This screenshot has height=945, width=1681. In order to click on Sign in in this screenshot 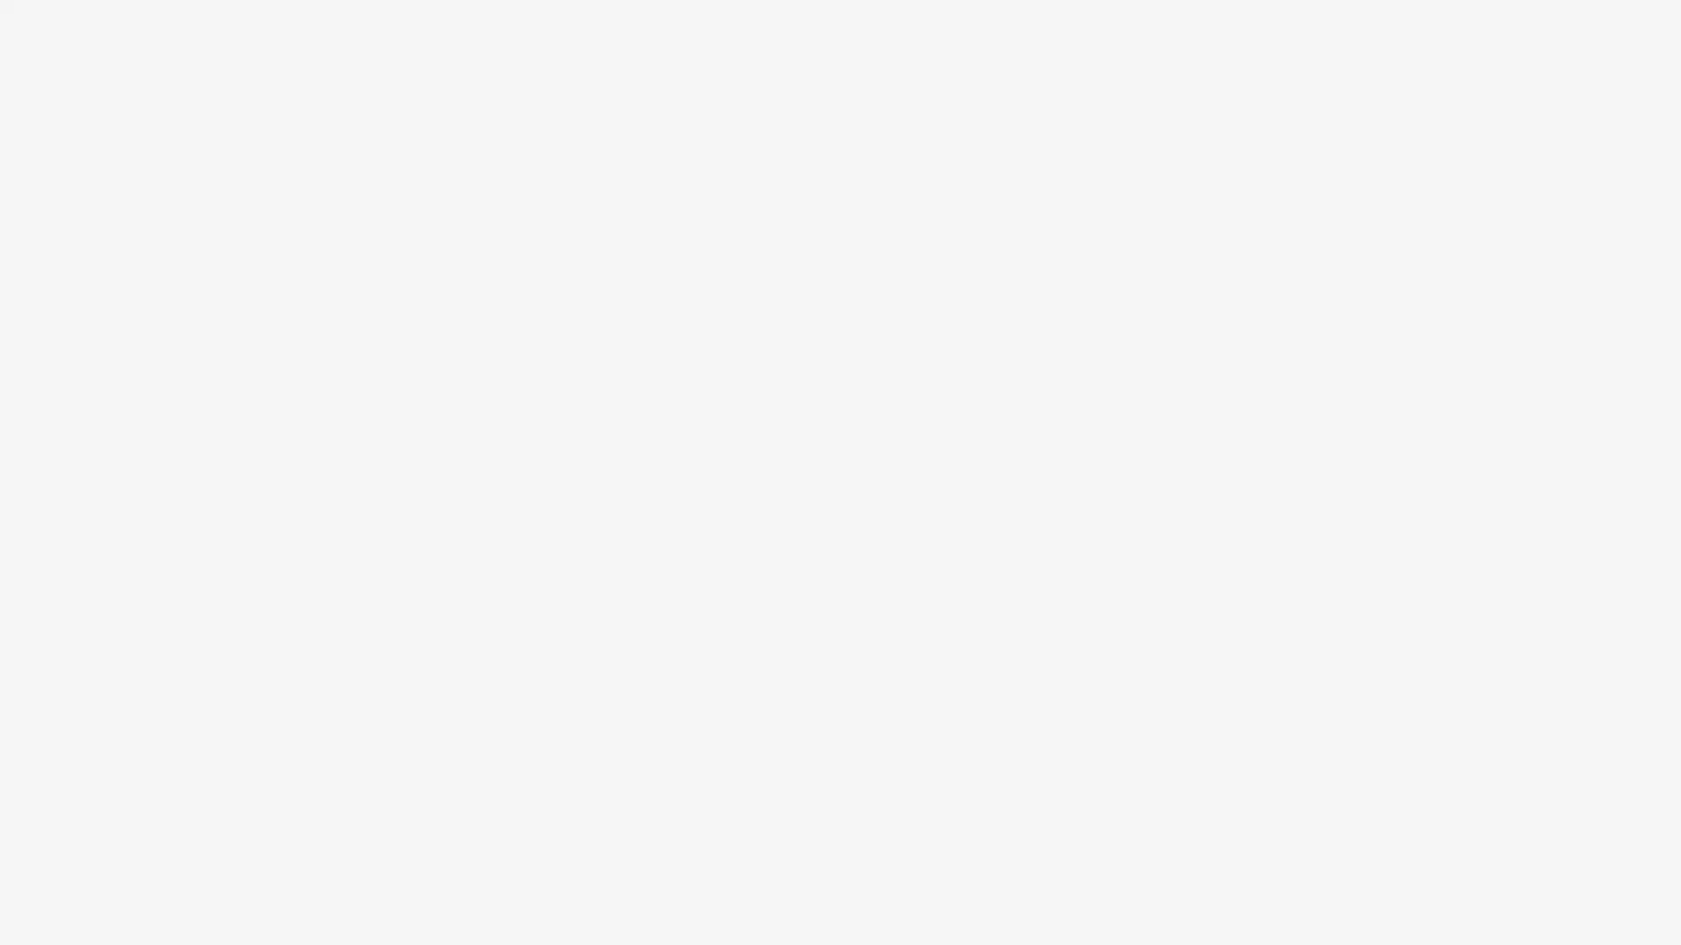, I will do `click(698, 317)`.